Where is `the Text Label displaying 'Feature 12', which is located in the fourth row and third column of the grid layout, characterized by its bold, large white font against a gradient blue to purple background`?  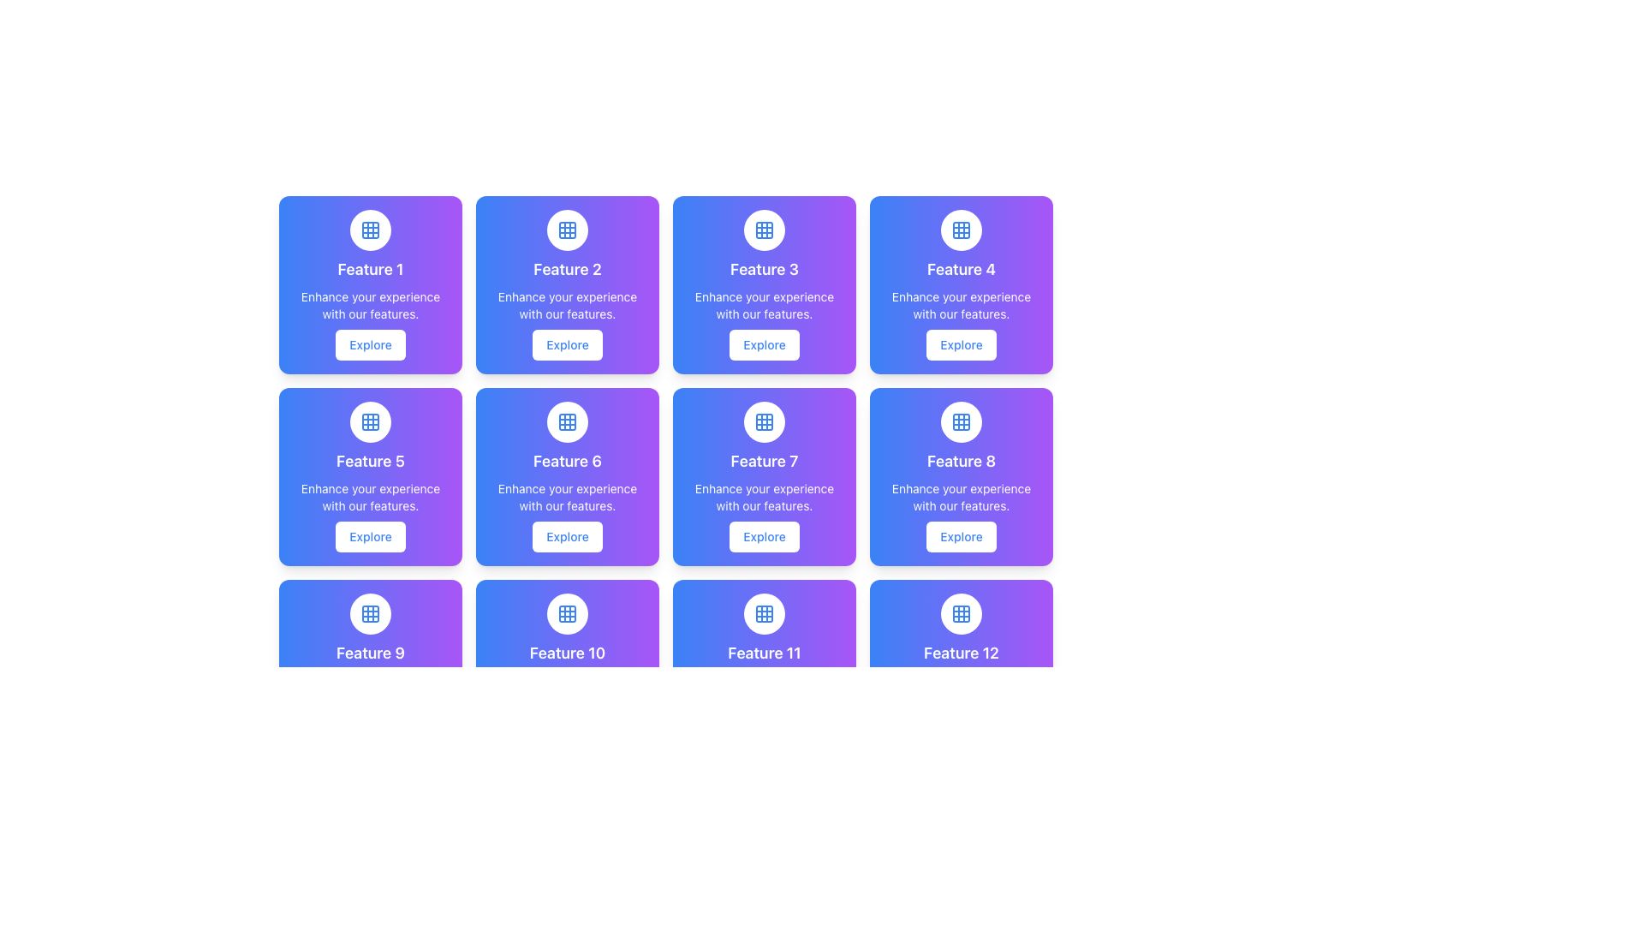 the Text Label displaying 'Feature 12', which is located in the fourth row and third column of the grid layout, characterized by its bold, large white font against a gradient blue to purple background is located at coordinates (962, 653).